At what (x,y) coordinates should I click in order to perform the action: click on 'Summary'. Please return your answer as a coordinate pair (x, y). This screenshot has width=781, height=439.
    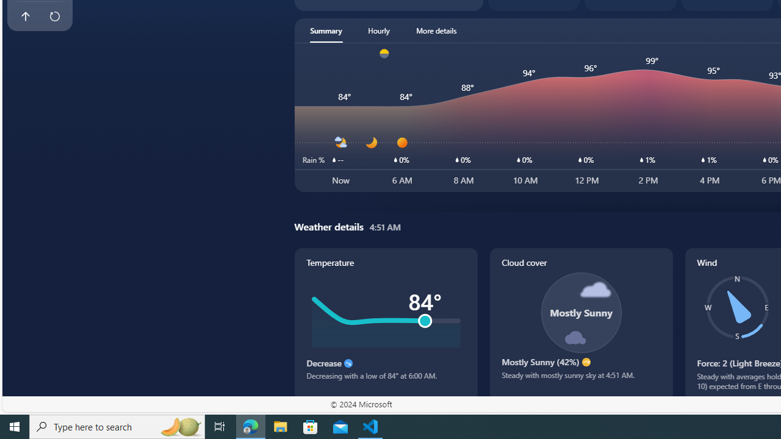
    Looking at the image, I should click on (326, 30).